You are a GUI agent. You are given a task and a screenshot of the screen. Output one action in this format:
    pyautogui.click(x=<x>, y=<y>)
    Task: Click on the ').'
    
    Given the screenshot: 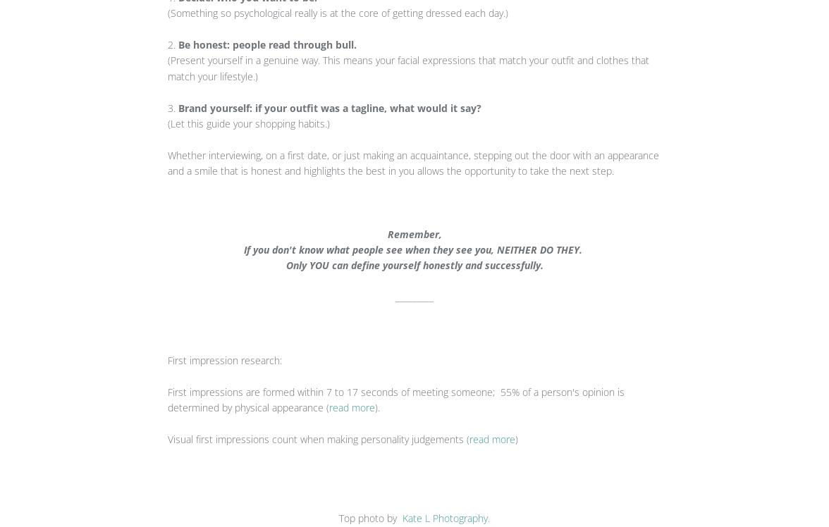 What is the action you would take?
    pyautogui.click(x=377, y=407)
    